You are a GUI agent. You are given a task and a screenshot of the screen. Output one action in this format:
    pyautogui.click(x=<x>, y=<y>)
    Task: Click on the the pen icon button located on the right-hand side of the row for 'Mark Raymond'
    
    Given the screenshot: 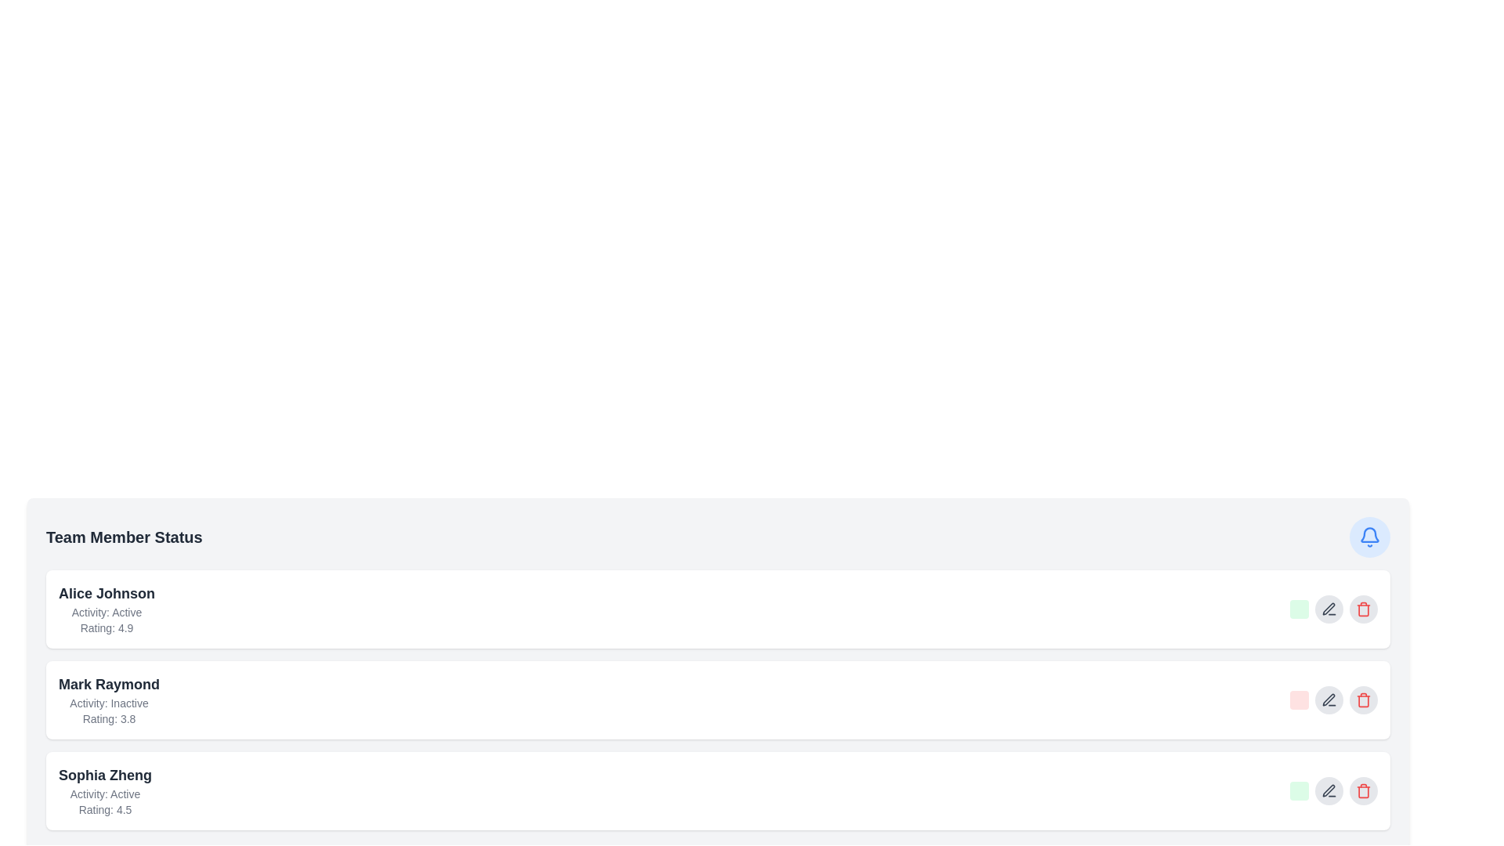 What is the action you would take?
    pyautogui.click(x=1329, y=791)
    